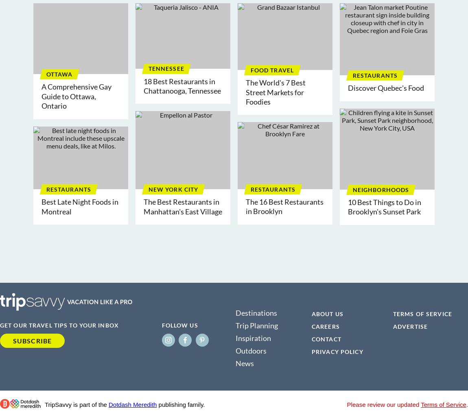  Describe the element at coordinates (76, 404) in the screenshot. I see `'TripSavvy is part of the'` at that location.